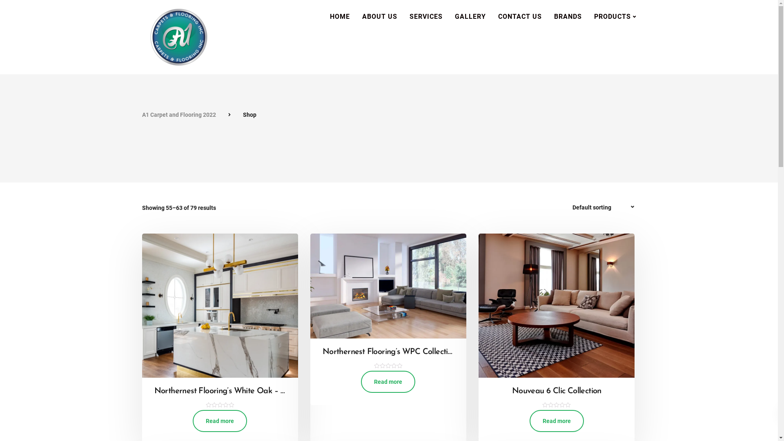 This screenshot has height=441, width=784. Describe the element at coordinates (470, 17) in the screenshot. I see `'GALLERY'` at that location.